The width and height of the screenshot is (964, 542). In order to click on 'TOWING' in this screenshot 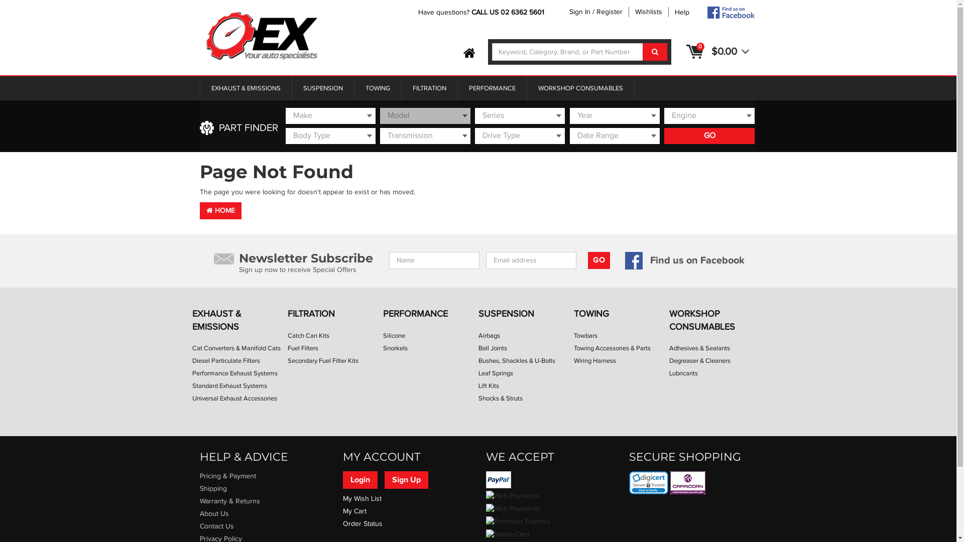, I will do `click(377, 88)`.